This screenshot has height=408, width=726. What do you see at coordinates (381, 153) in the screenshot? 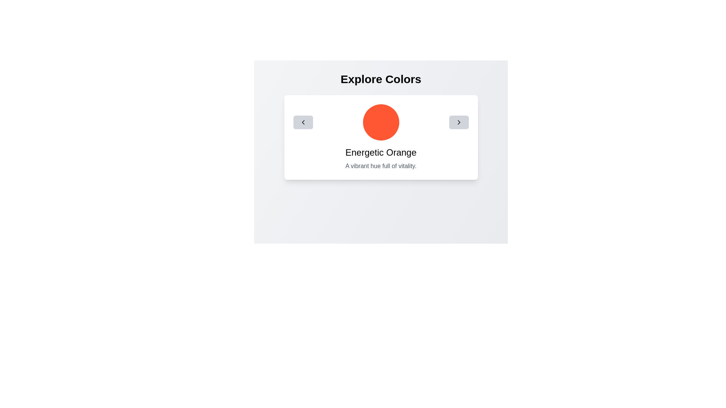
I see `the text label that displays 'Energetic Orange', which is styled as a larger, bold heading located below a circular orange graphic` at bounding box center [381, 153].